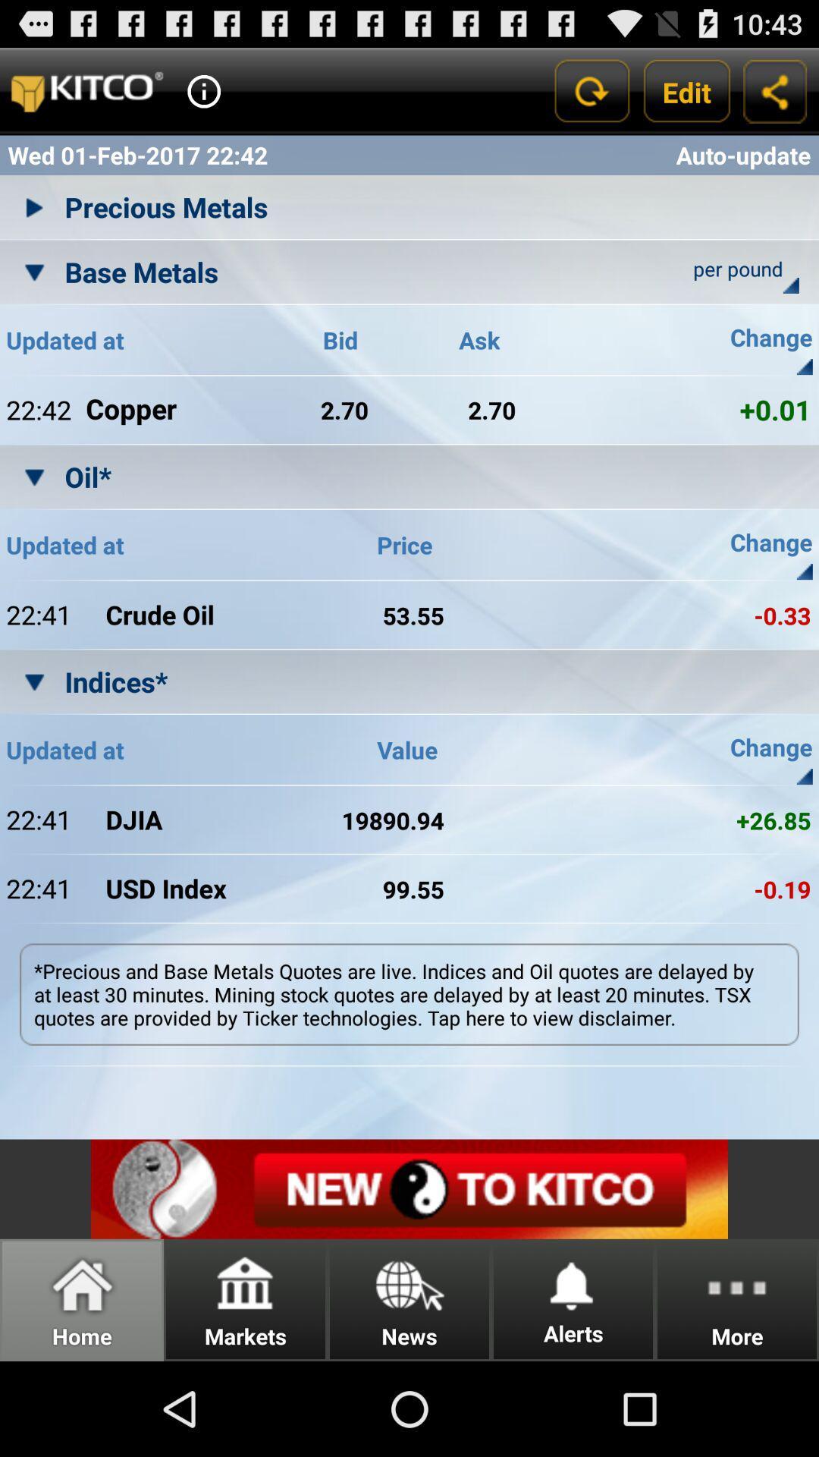 This screenshot has height=1457, width=819. I want to click on icon above alerts, so click(573, 1282).